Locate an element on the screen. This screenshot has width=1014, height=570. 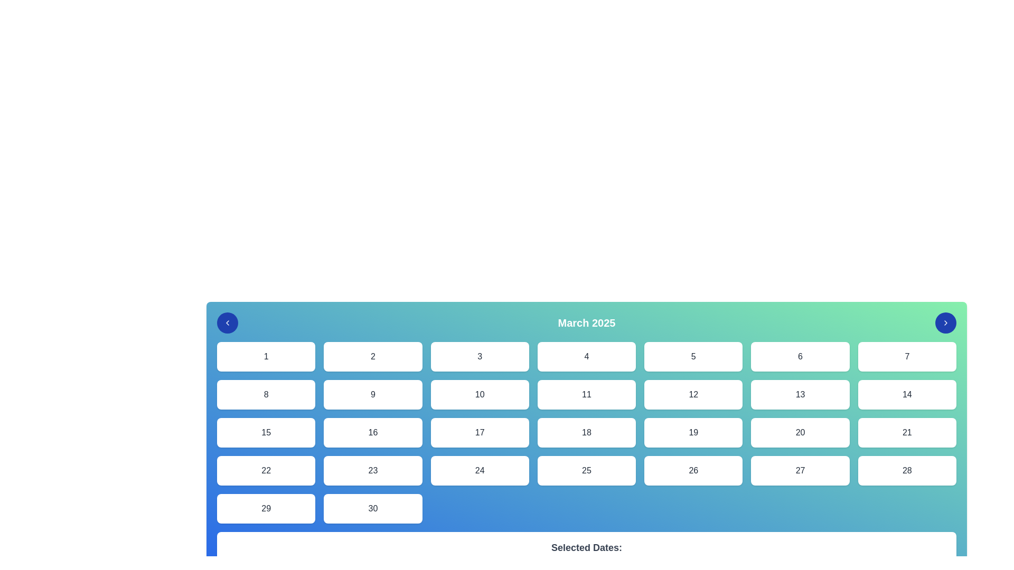
the white rounded rectangle button containing the number '27', which is the sixth item in the bottom row of a 7-column grid layout is located at coordinates (800, 470).